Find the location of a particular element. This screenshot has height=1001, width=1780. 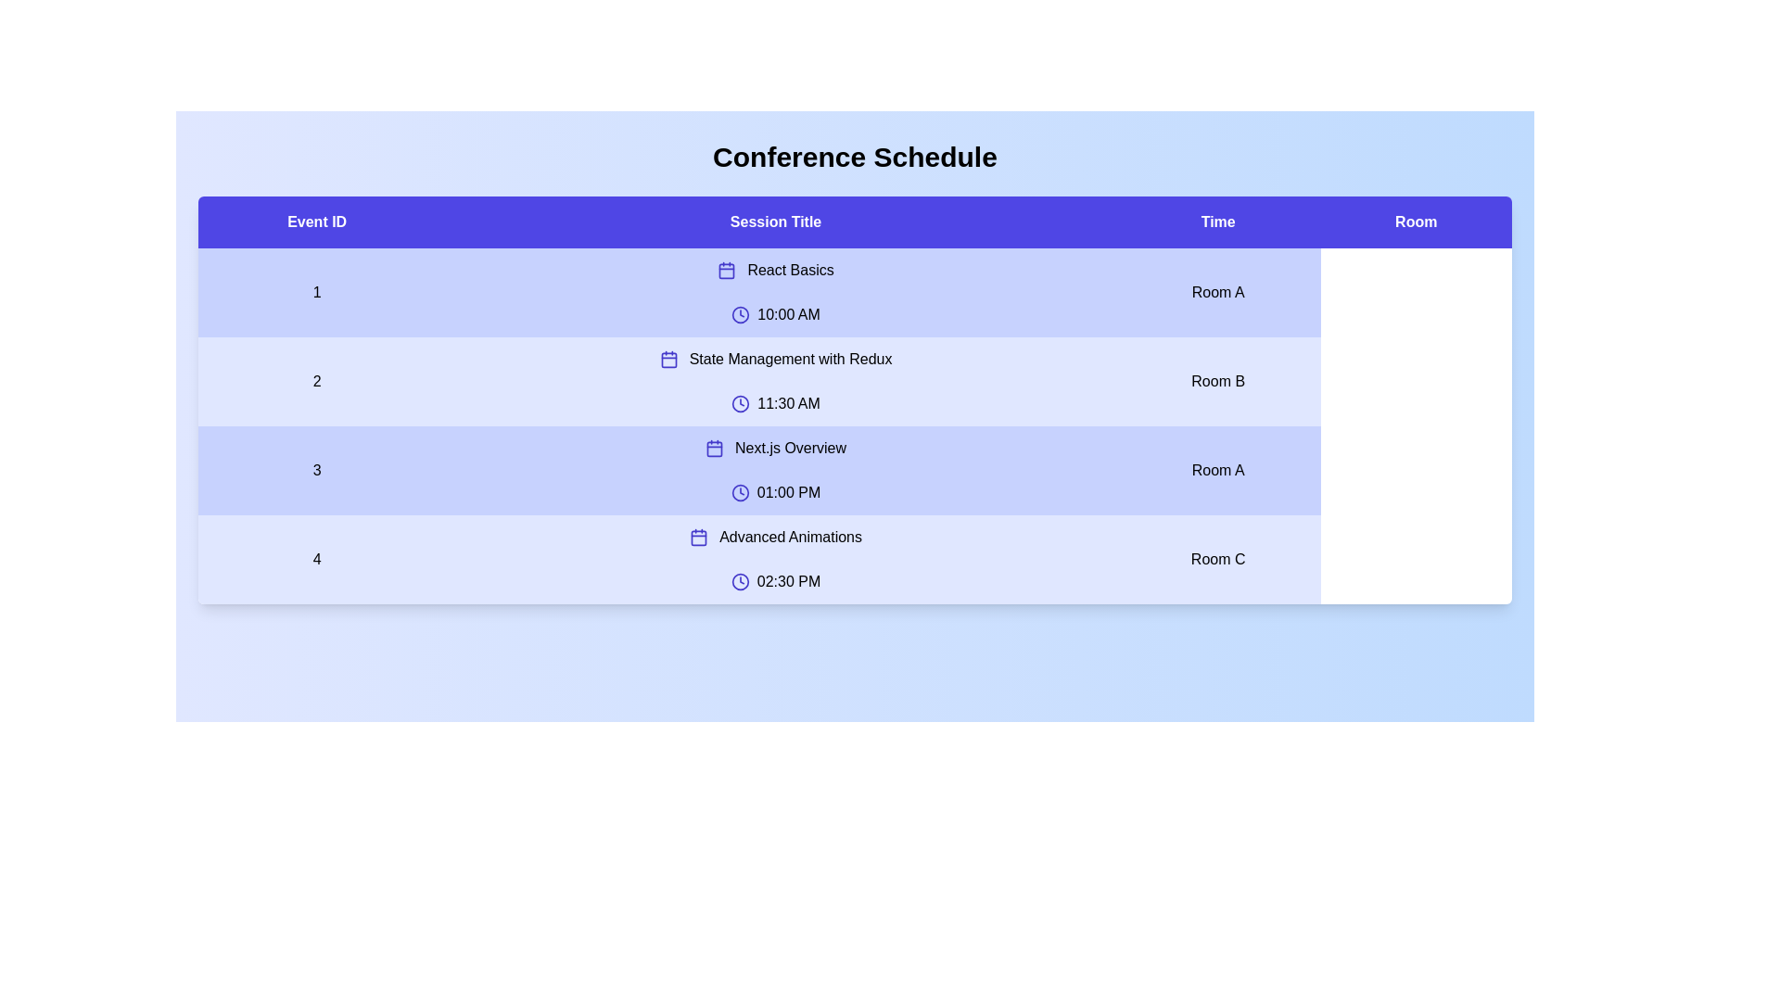

the table header labeled 'Session Title' to sort the table by that column is located at coordinates (775, 221).